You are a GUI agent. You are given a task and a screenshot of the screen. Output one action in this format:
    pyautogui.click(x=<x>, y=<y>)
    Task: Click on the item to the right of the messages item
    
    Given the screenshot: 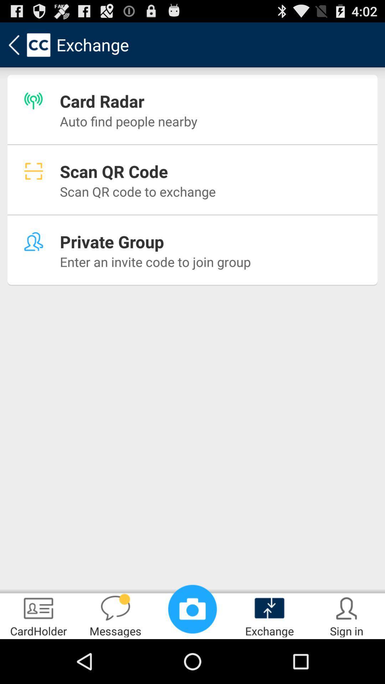 What is the action you would take?
    pyautogui.click(x=192, y=608)
    